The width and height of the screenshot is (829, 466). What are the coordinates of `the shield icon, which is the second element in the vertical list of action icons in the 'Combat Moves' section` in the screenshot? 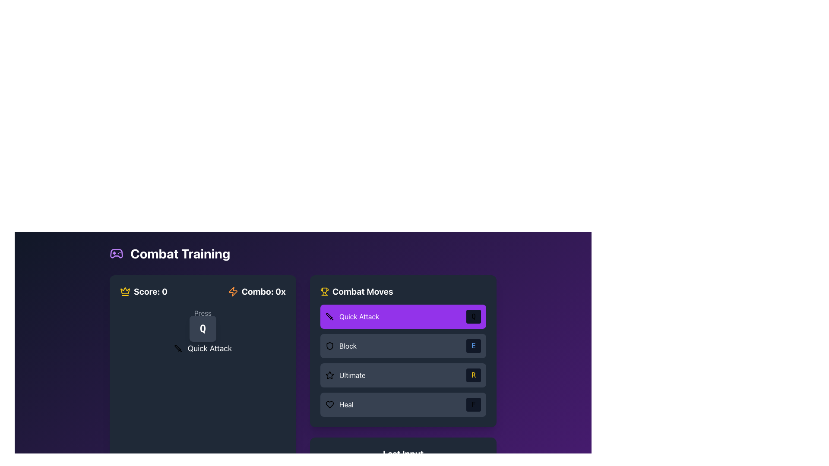 It's located at (329, 346).